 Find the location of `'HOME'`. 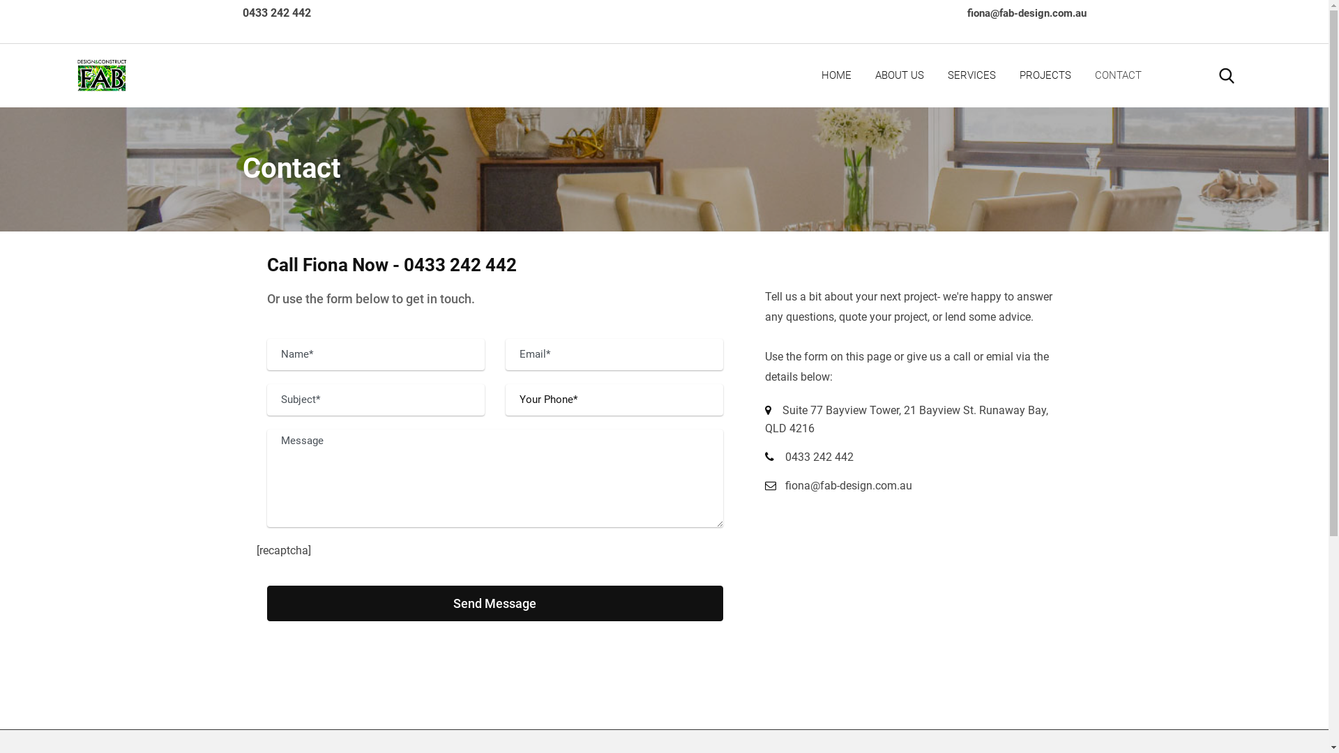

'HOME' is located at coordinates (836, 75).